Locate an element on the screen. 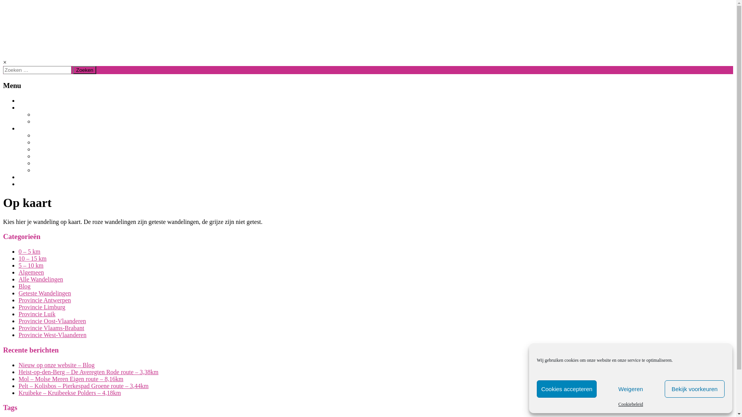  'Provincie Limburg' is located at coordinates (41, 307).